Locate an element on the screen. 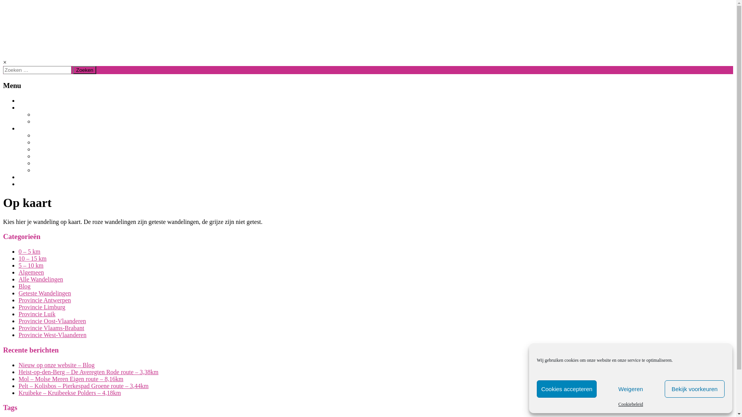  'Provincie Limburg' is located at coordinates (41, 307).